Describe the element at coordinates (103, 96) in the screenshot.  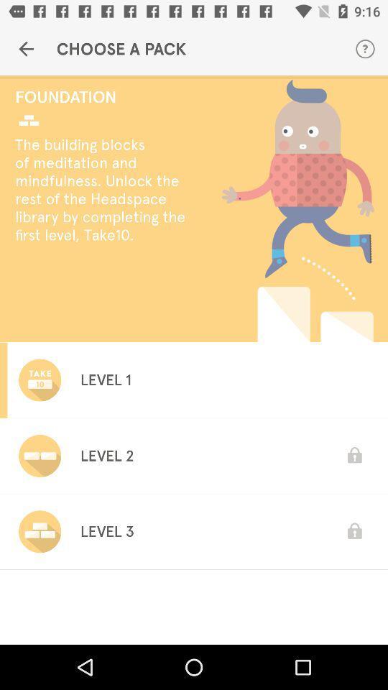
I see `foundation` at that location.